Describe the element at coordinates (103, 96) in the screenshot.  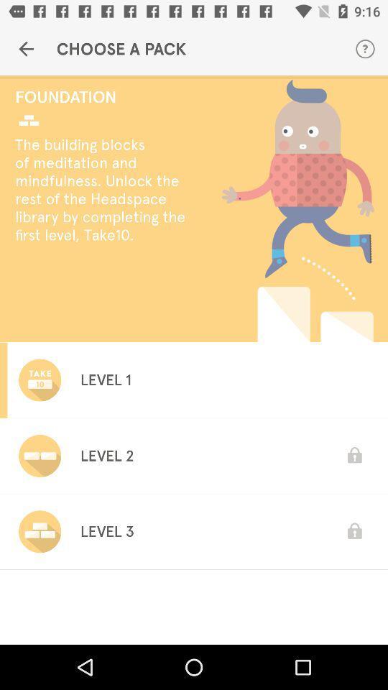
I see `foundation` at that location.